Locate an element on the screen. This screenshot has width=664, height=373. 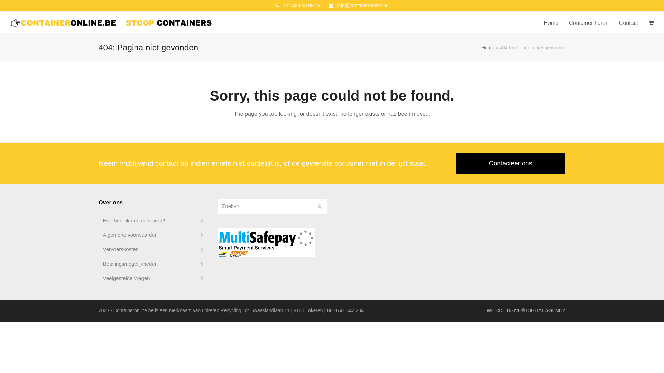
'Container huren' is located at coordinates (564, 22).